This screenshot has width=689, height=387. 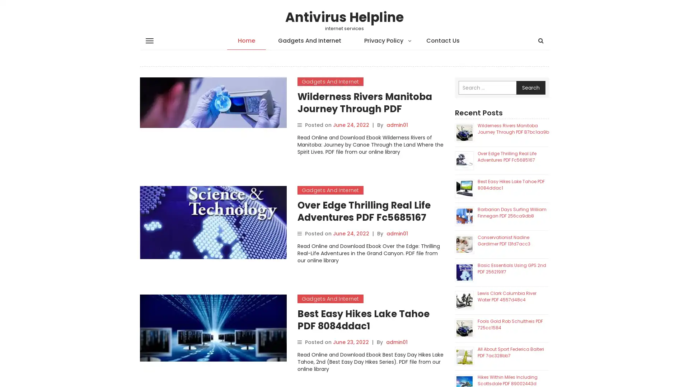 I want to click on Search, so click(x=531, y=87).